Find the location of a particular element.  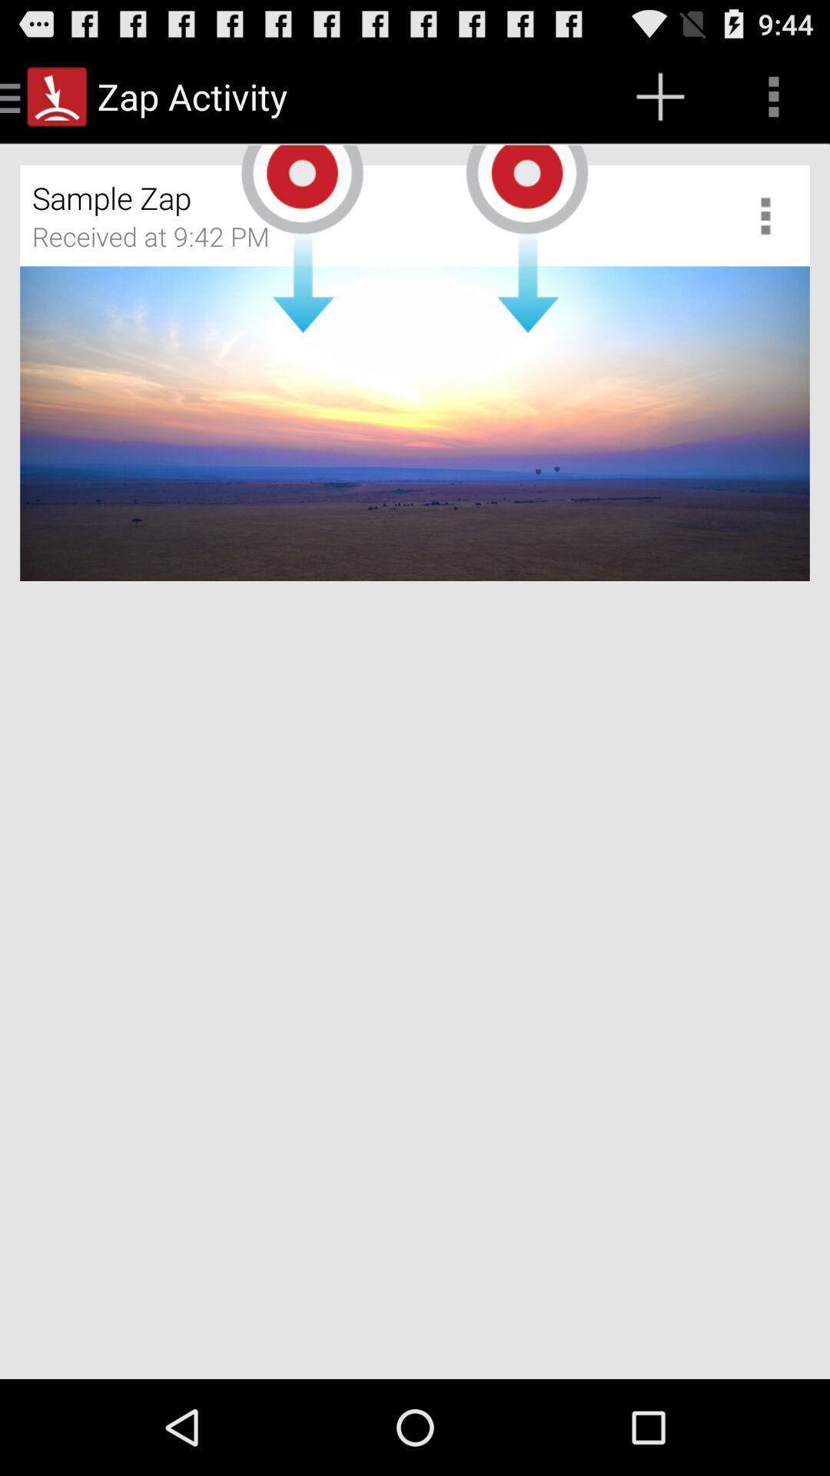

icon to the right of sample zap item is located at coordinates (771, 214).